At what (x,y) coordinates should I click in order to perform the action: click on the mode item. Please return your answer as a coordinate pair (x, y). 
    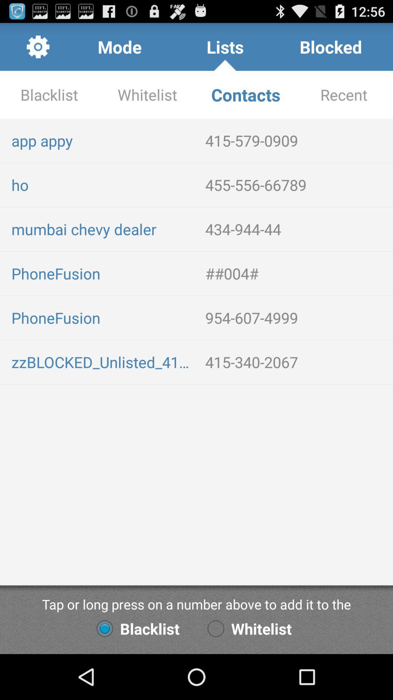
    Looking at the image, I should click on (119, 46).